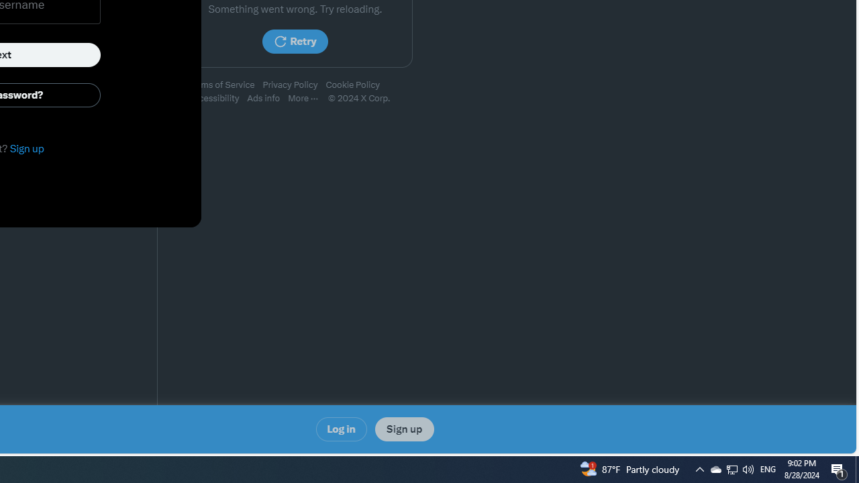 This screenshot has height=483, width=859. Describe the element at coordinates (341, 429) in the screenshot. I see `'Log in'` at that location.